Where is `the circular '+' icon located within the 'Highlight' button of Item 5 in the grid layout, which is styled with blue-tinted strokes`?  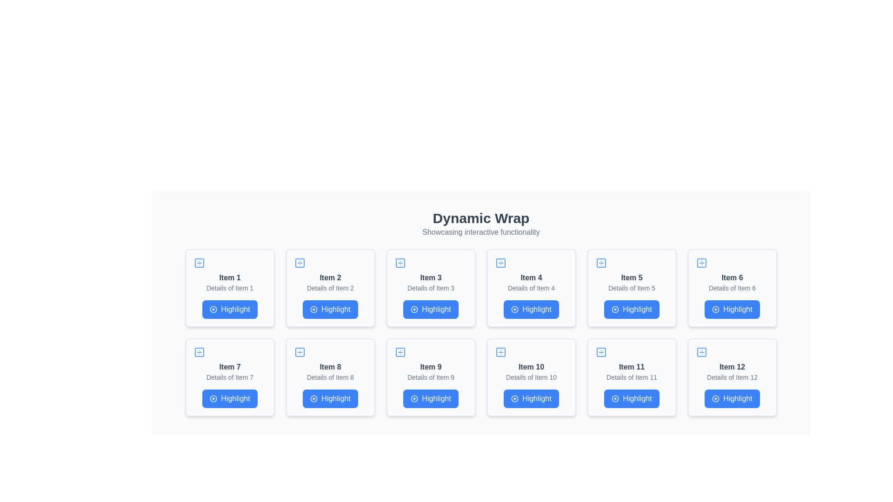
the circular '+' icon located within the 'Highlight' button of Item 5 in the grid layout, which is styled with blue-tinted strokes is located at coordinates (615, 310).